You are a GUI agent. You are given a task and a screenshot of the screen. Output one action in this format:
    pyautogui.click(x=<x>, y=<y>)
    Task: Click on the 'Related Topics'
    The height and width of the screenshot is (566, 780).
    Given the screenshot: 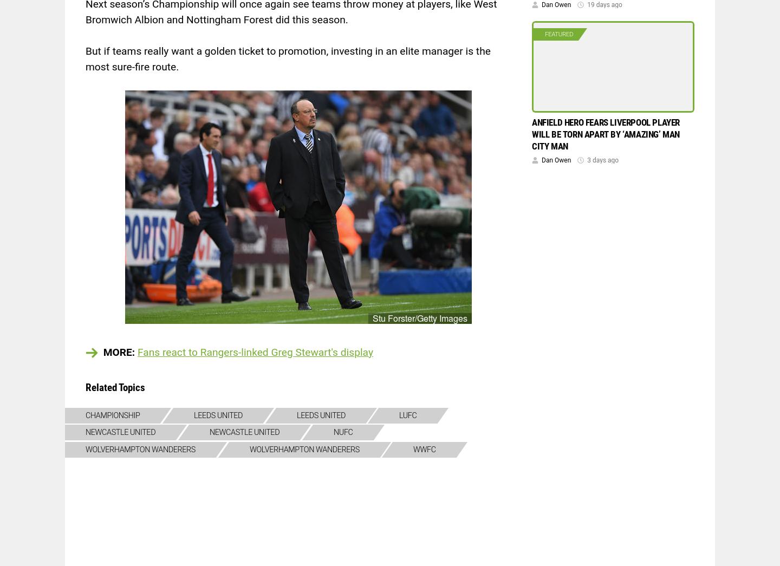 What is the action you would take?
    pyautogui.click(x=84, y=386)
    